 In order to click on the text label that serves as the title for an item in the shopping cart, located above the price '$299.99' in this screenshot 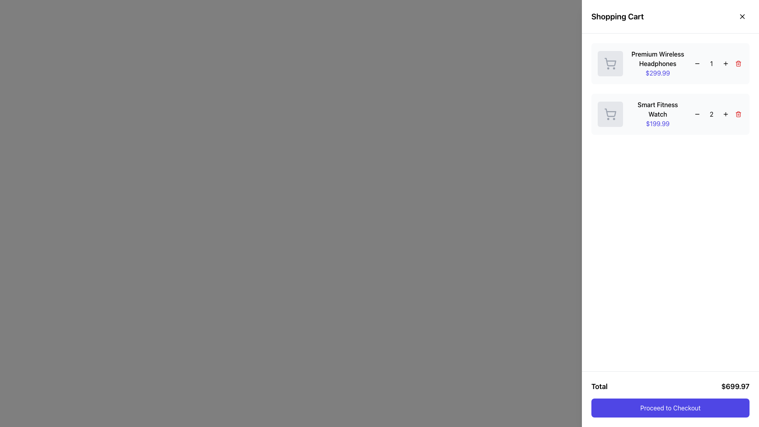, I will do `click(658, 59)`.